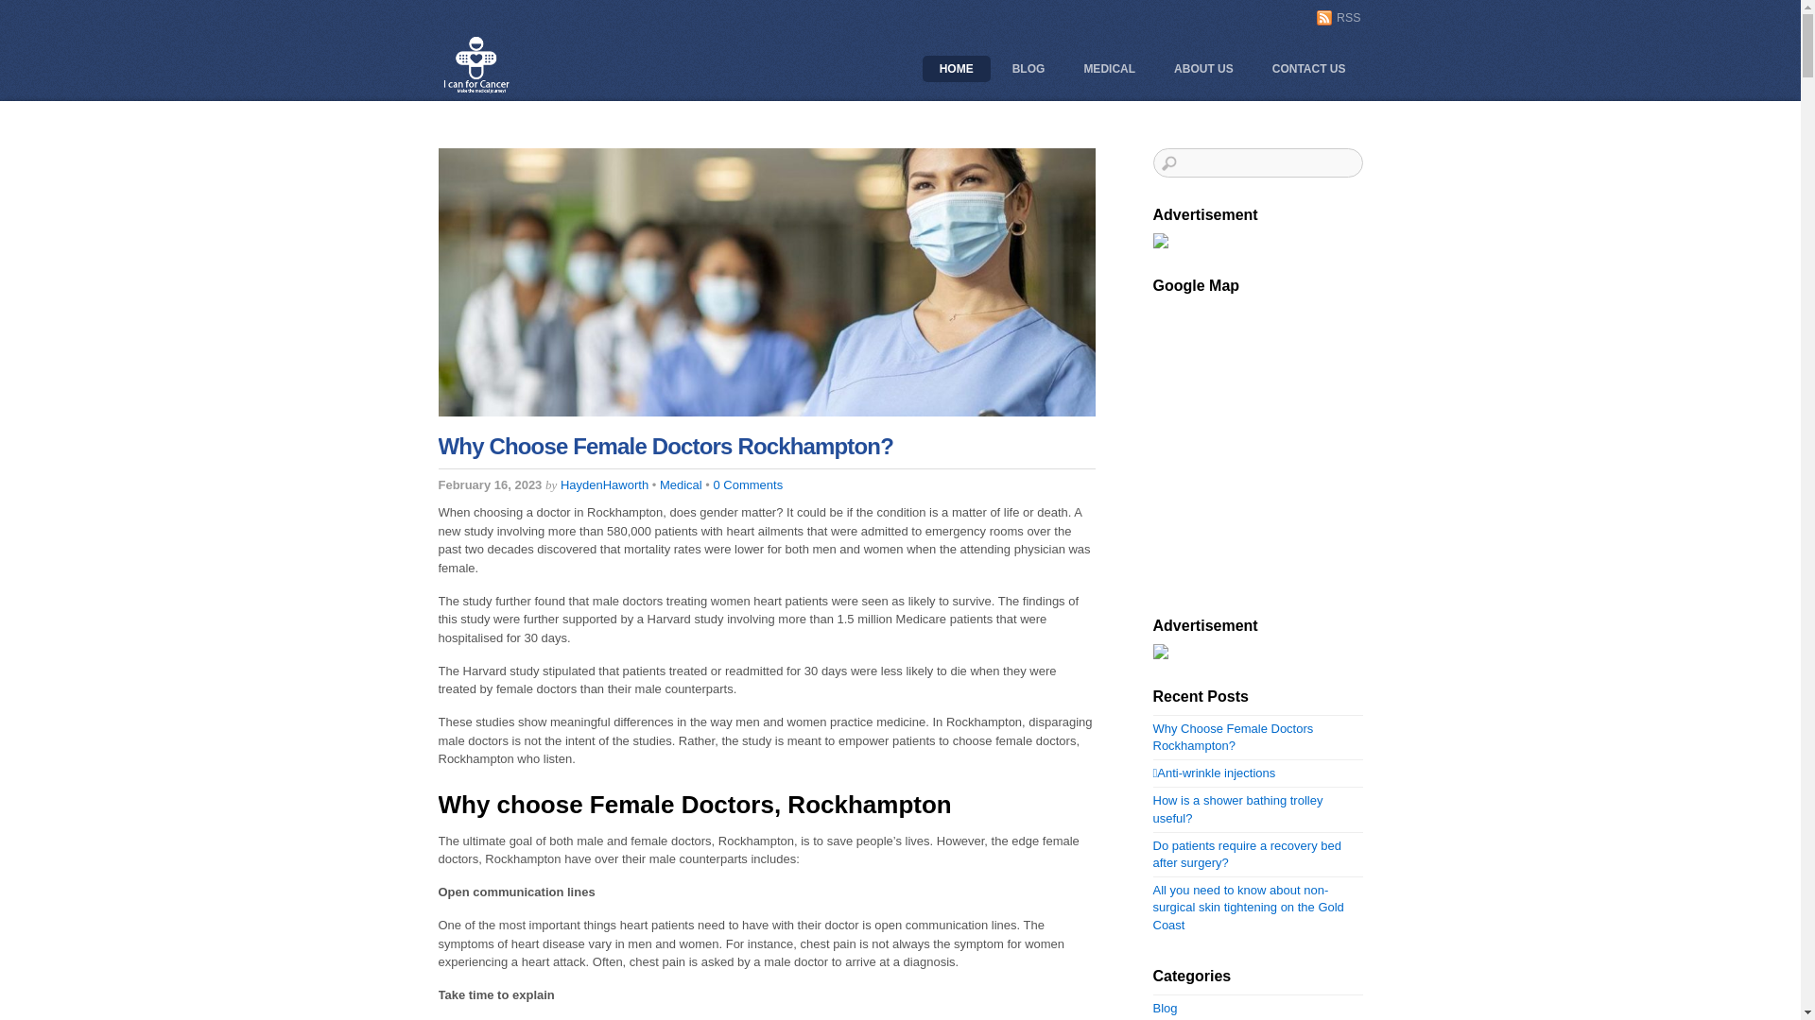 Image resolution: width=1815 pixels, height=1020 pixels. I want to click on 'Search', so click(1257, 161).